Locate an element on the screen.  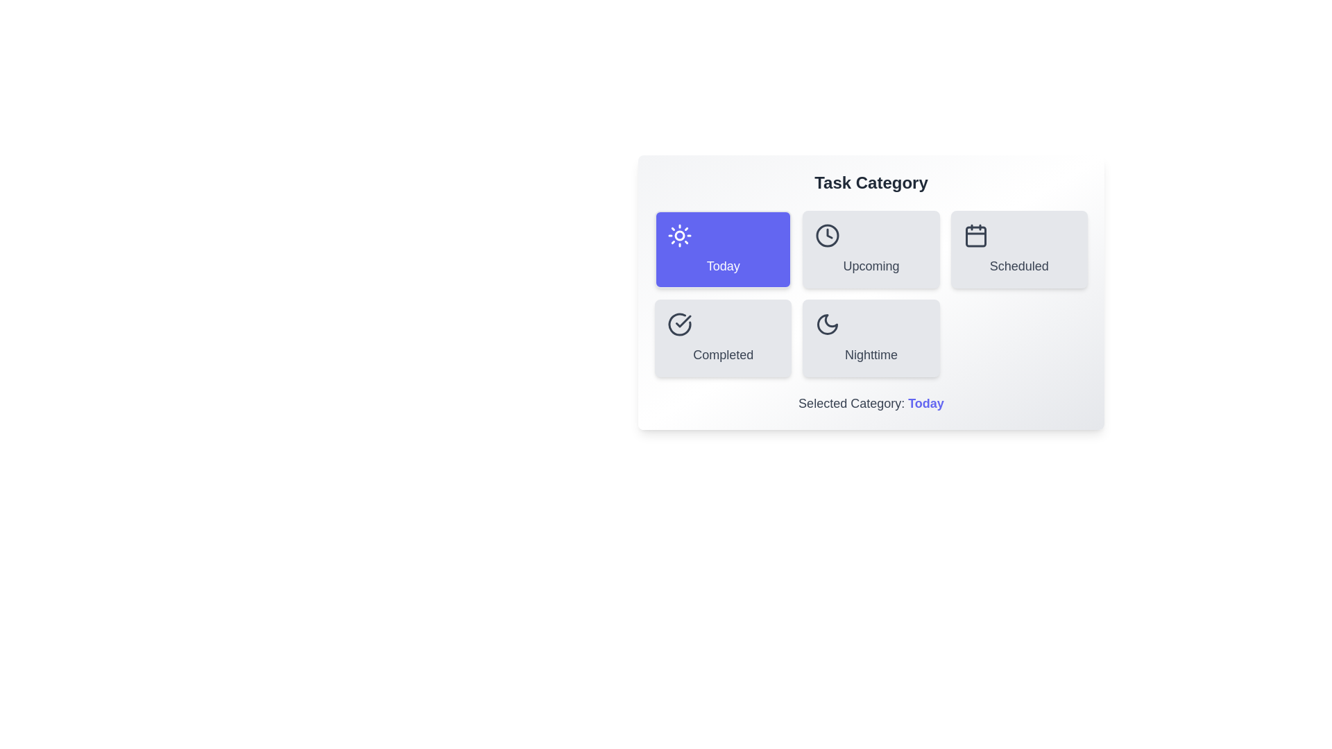
the category button labeled 'Scheduled' to observe its hover effect is located at coordinates (1019, 248).